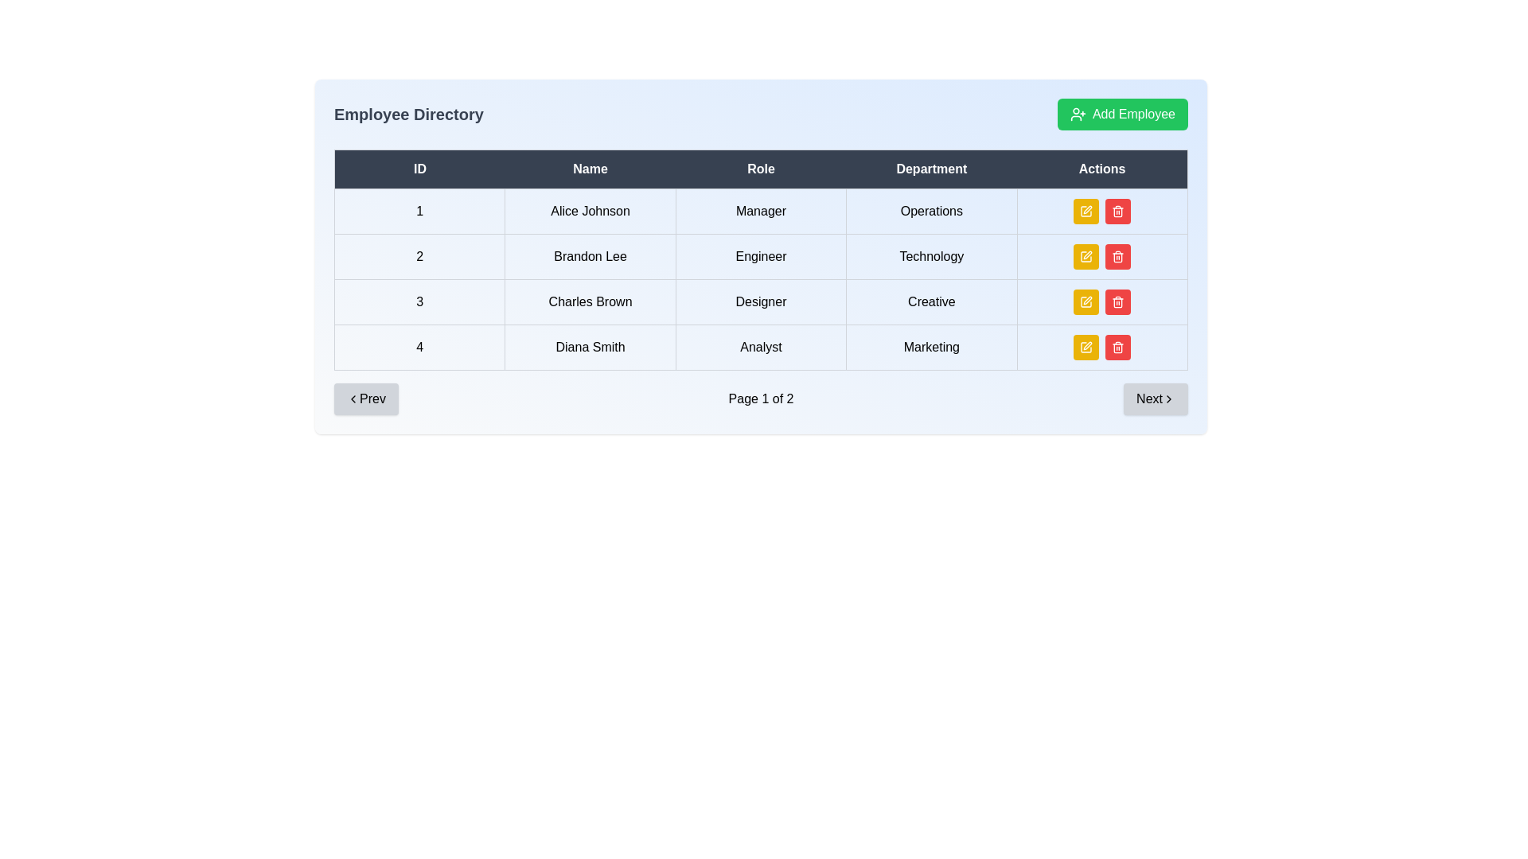  What do you see at coordinates (353, 398) in the screenshot?
I see `the leftward-pointing chevron icon located inside the 'Prev' button at the bottom left of the interface to interact with the button` at bounding box center [353, 398].